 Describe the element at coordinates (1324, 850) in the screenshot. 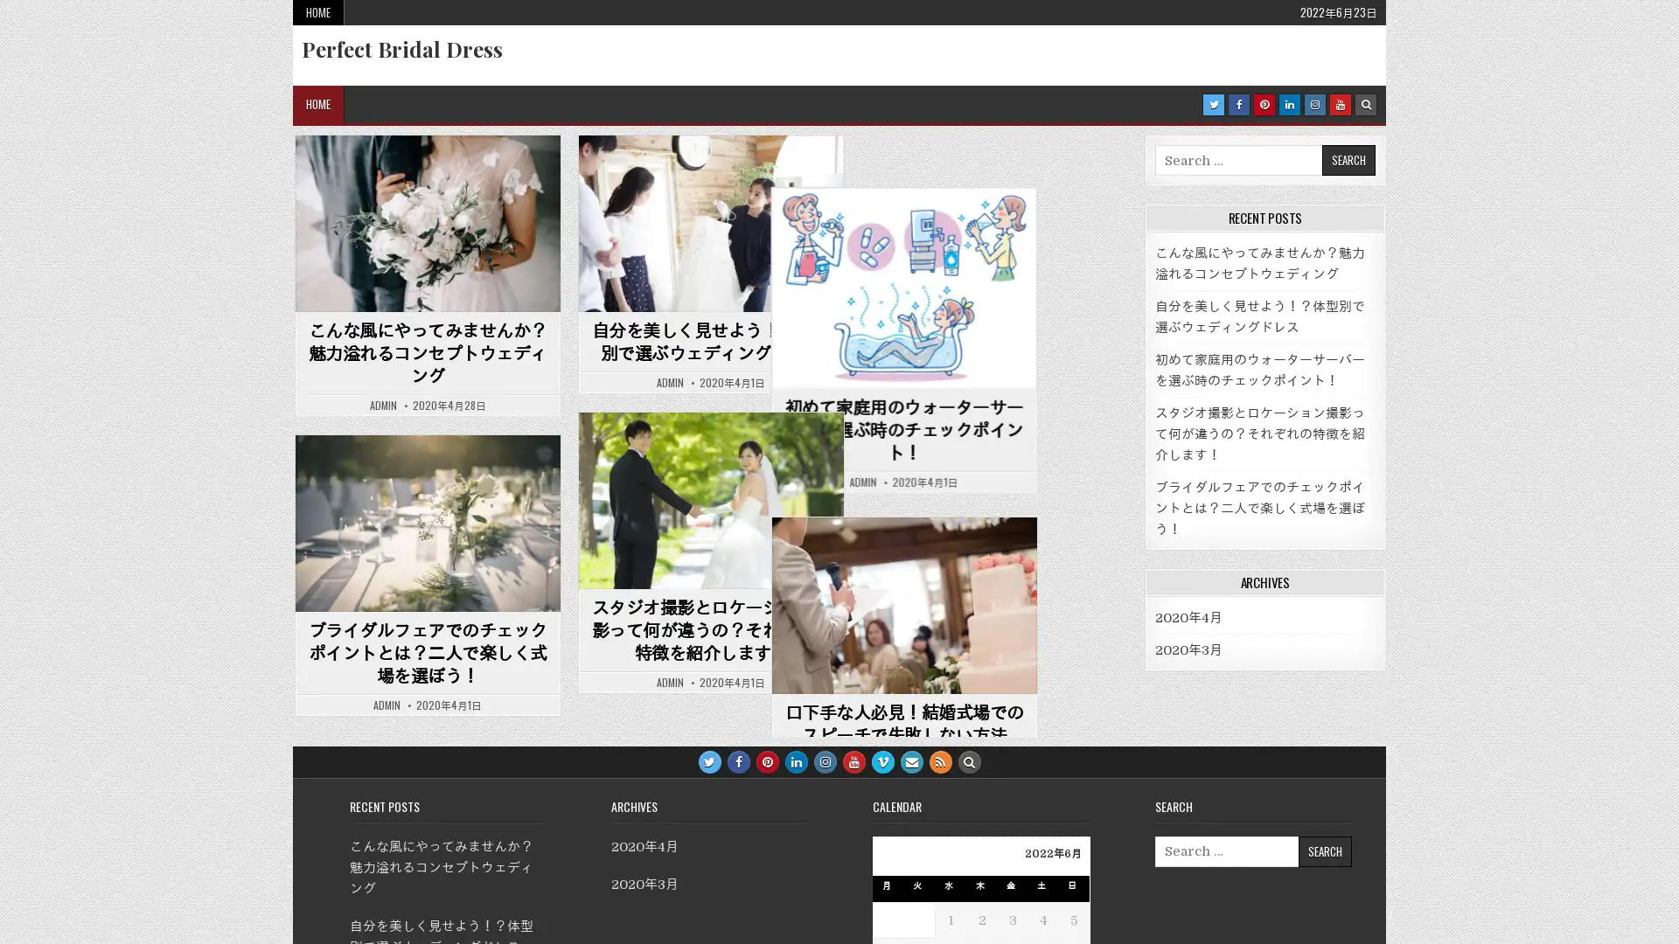

I see `Search` at that location.